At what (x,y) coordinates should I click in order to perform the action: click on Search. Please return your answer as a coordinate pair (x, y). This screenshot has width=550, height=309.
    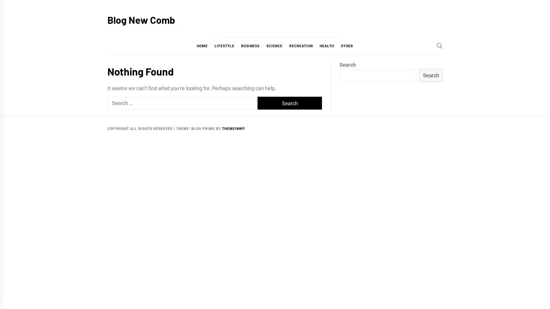
    Looking at the image, I should click on (431, 75).